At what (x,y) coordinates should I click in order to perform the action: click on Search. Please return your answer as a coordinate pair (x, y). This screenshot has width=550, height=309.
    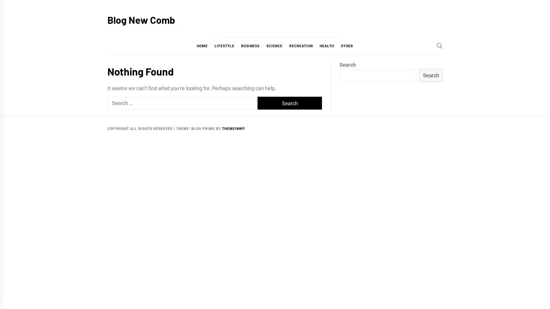
    Looking at the image, I should click on (431, 75).